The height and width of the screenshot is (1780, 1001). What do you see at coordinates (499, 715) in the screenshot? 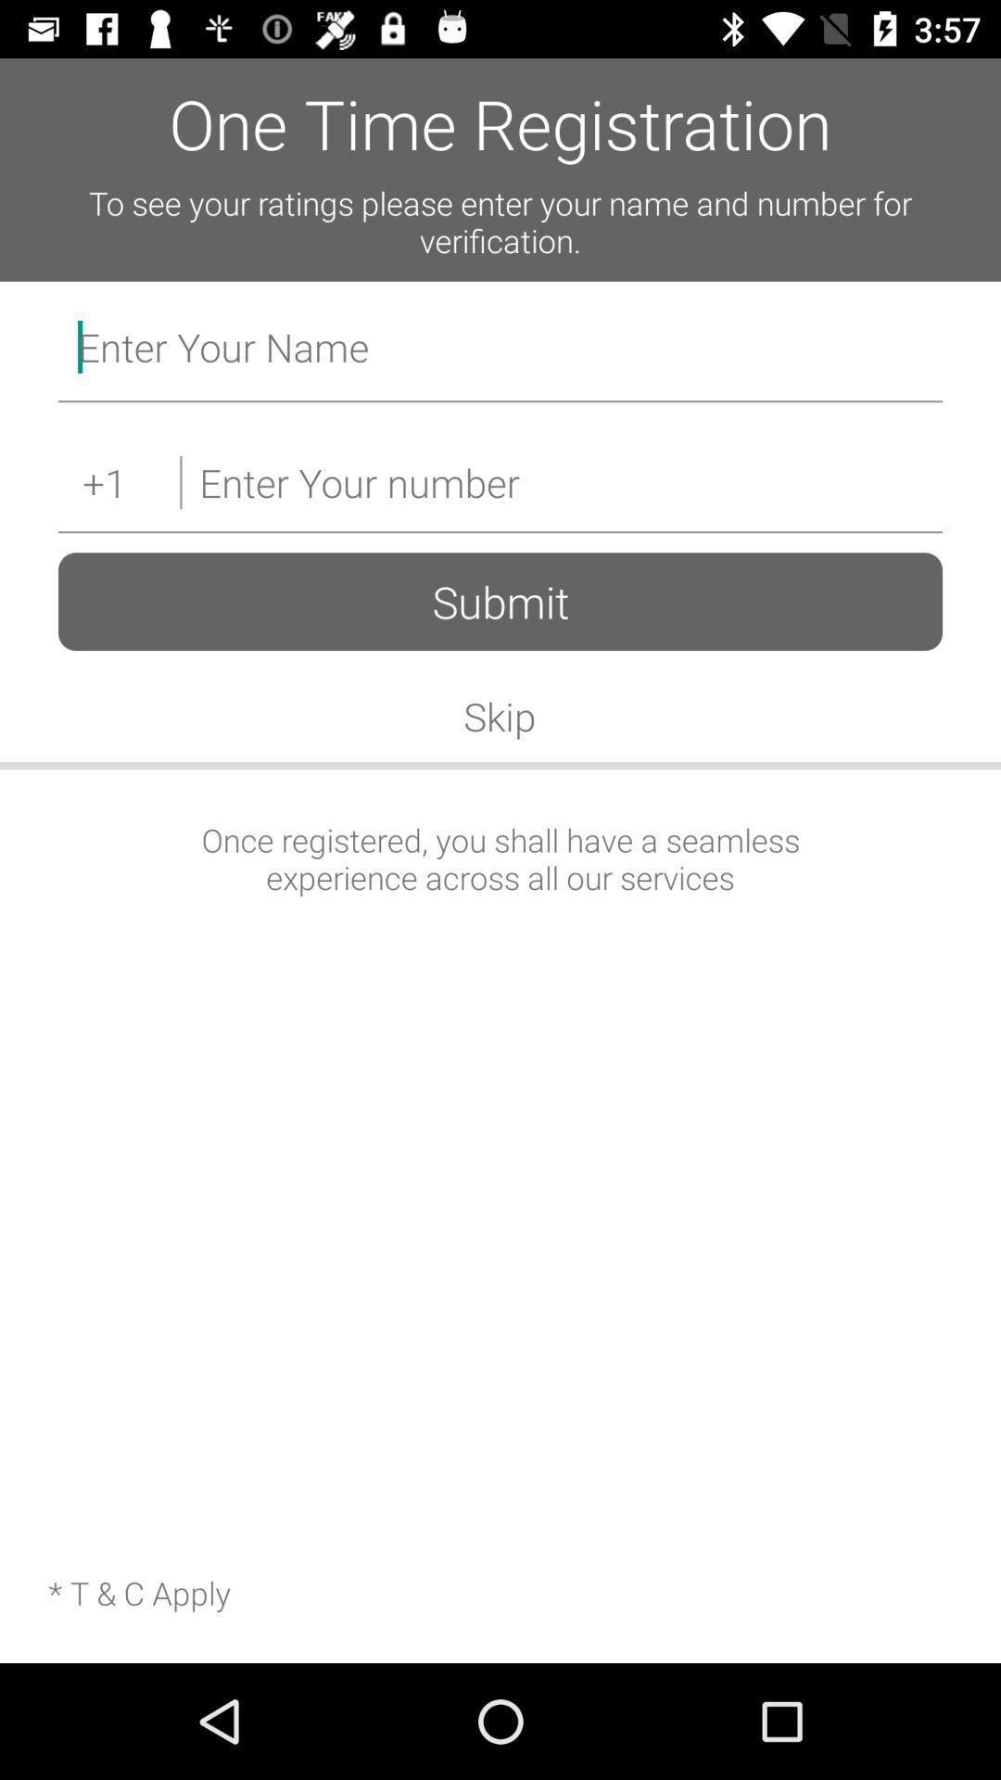
I see `the skip` at bounding box center [499, 715].